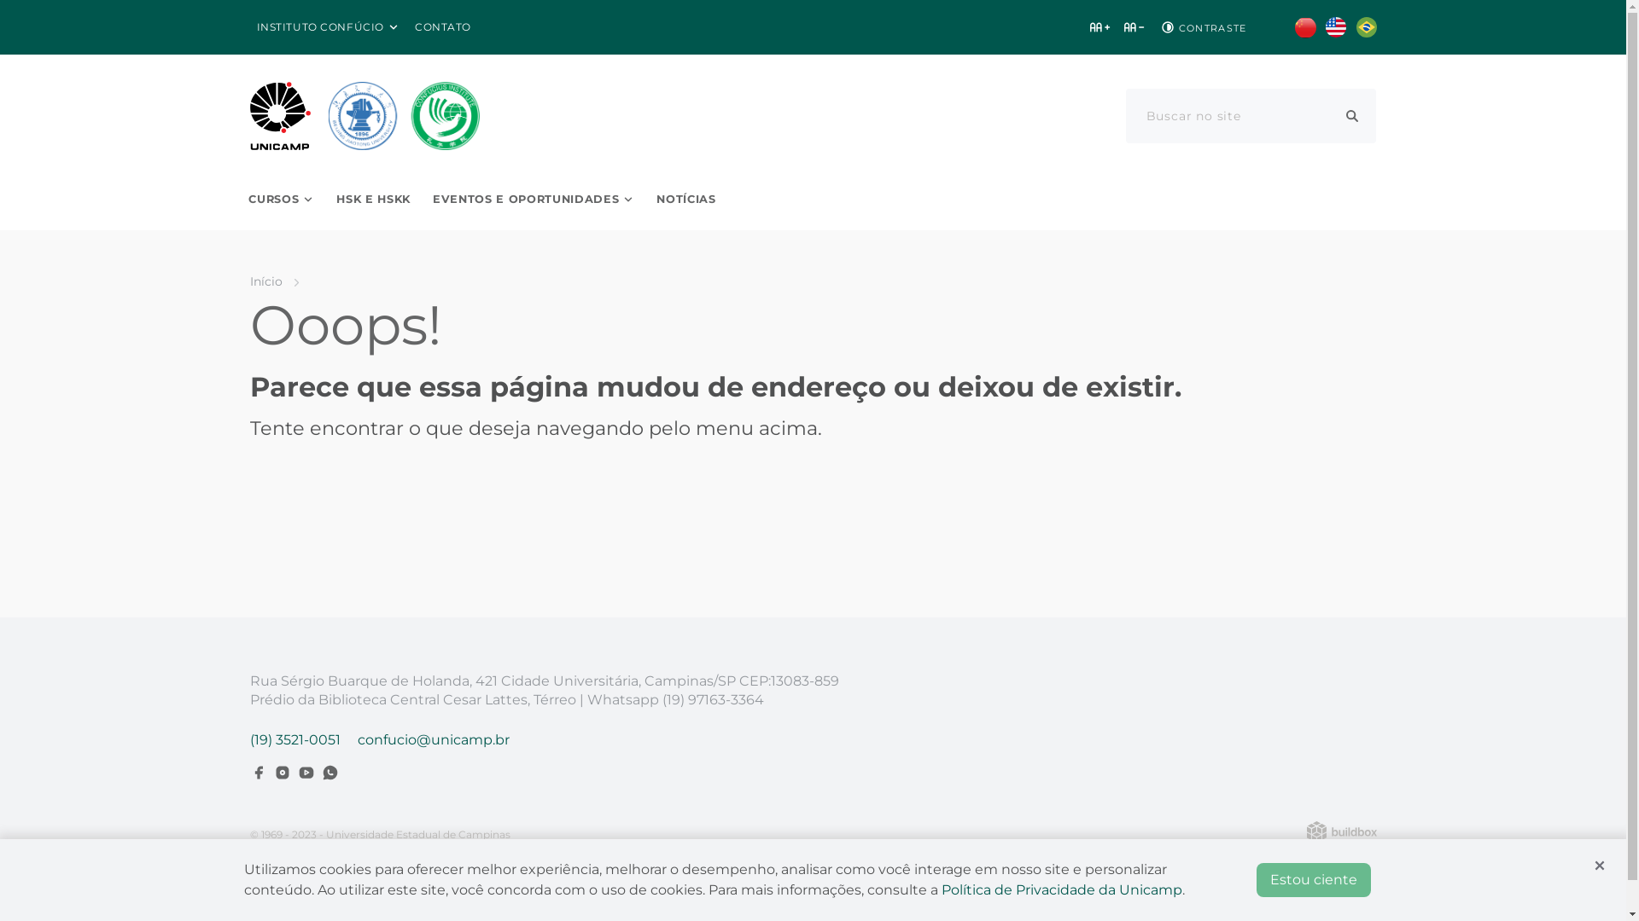 This screenshot has width=1639, height=921. Describe the element at coordinates (442, 27) in the screenshot. I see `'CONTATO'` at that location.